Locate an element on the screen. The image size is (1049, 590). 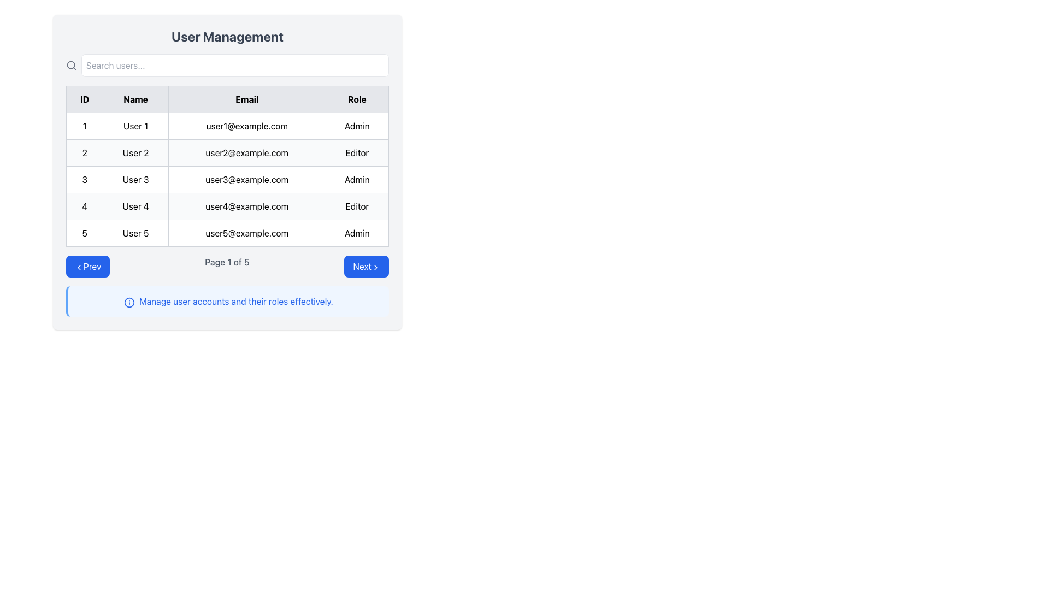
the static text label displaying the ID number for 'User 4' in the first cell of the fourth row of the user management table is located at coordinates (84, 206).